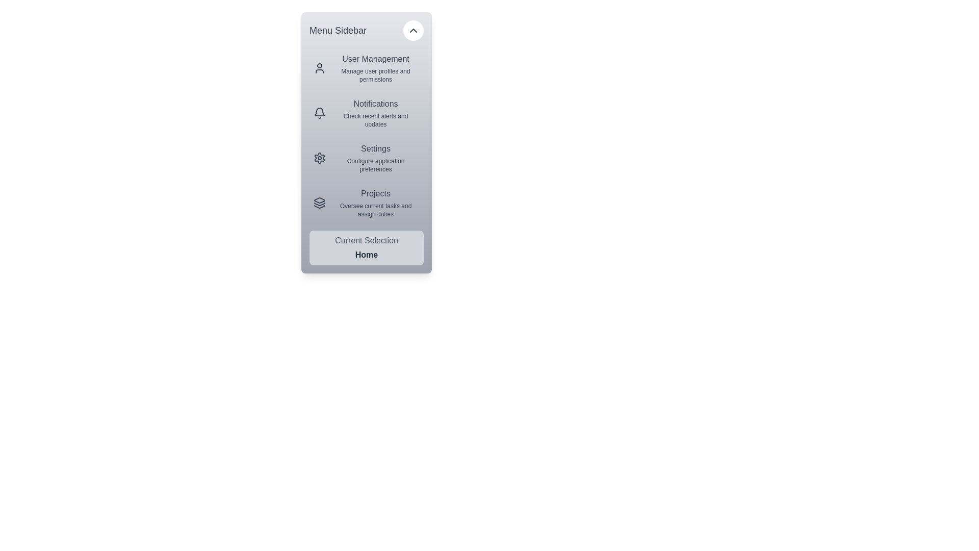 This screenshot has height=551, width=979. I want to click on the 'Settings' text label in the sidebar menu, which serves as a heading for the settings section and is centrally aligned above the subtitle 'Configure application preferences', so click(375, 149).